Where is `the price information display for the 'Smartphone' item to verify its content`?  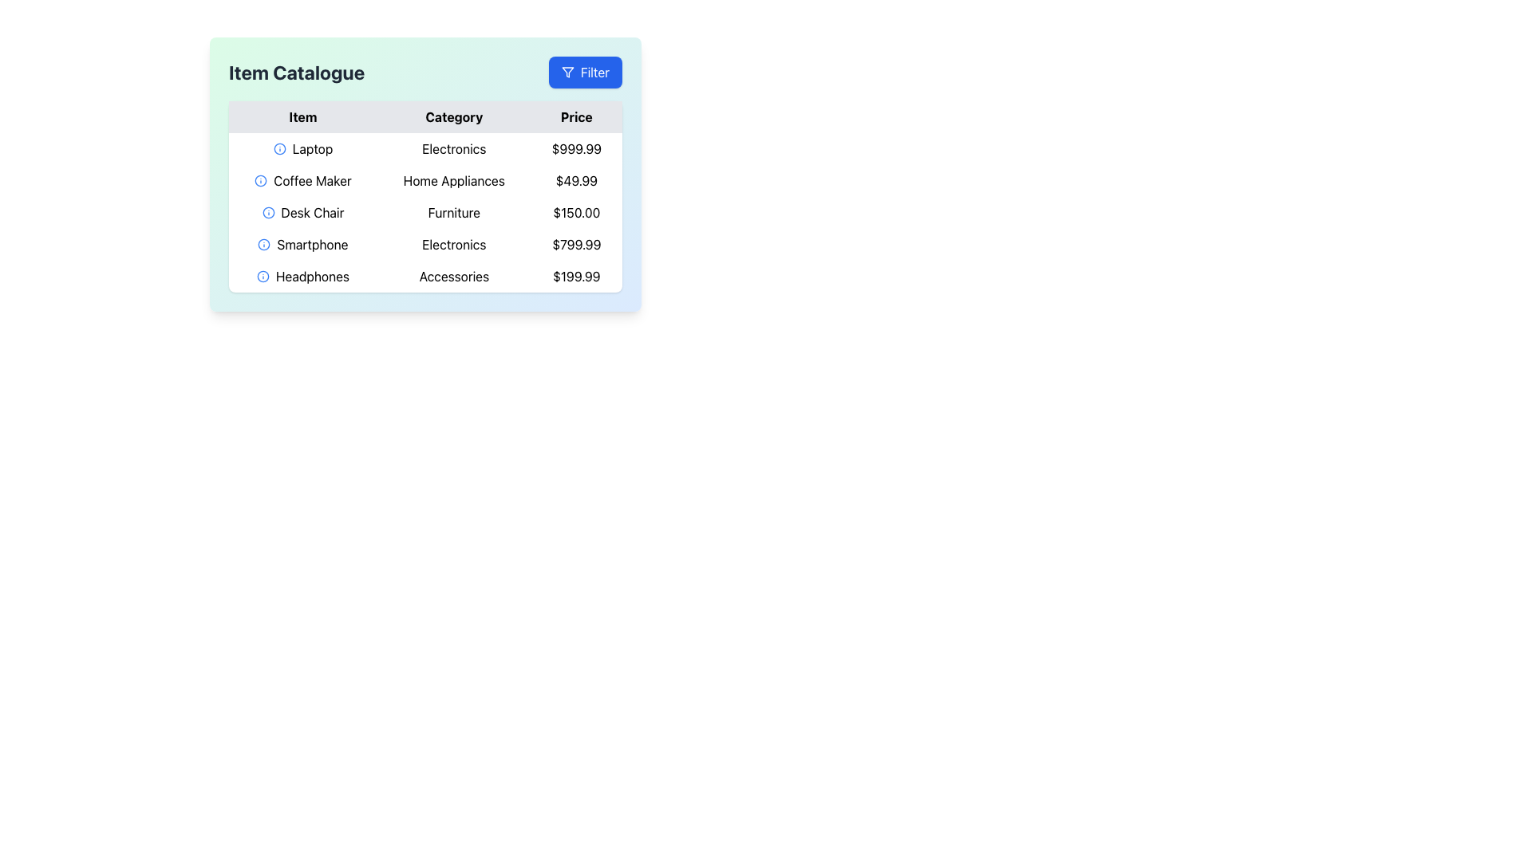 the price information display for the 'Smartphone' item to verify its content is located at coordinates (575, 245).